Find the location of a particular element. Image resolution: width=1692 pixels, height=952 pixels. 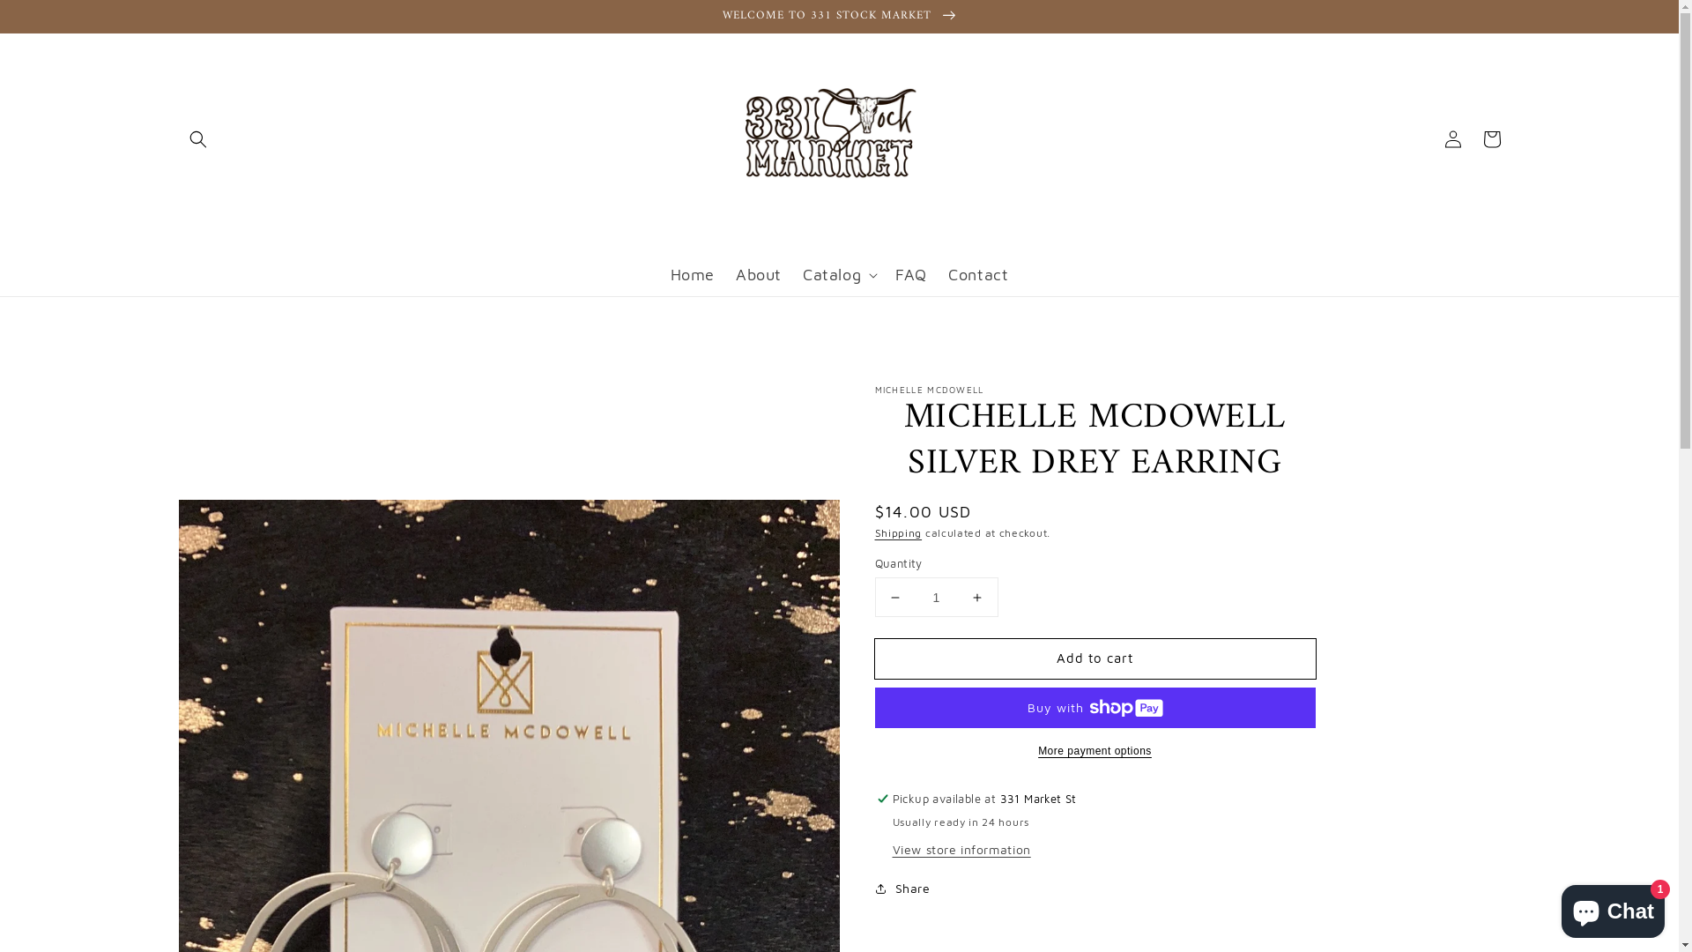

'Shopify online store chat' is located at coordinates (1613, 907).